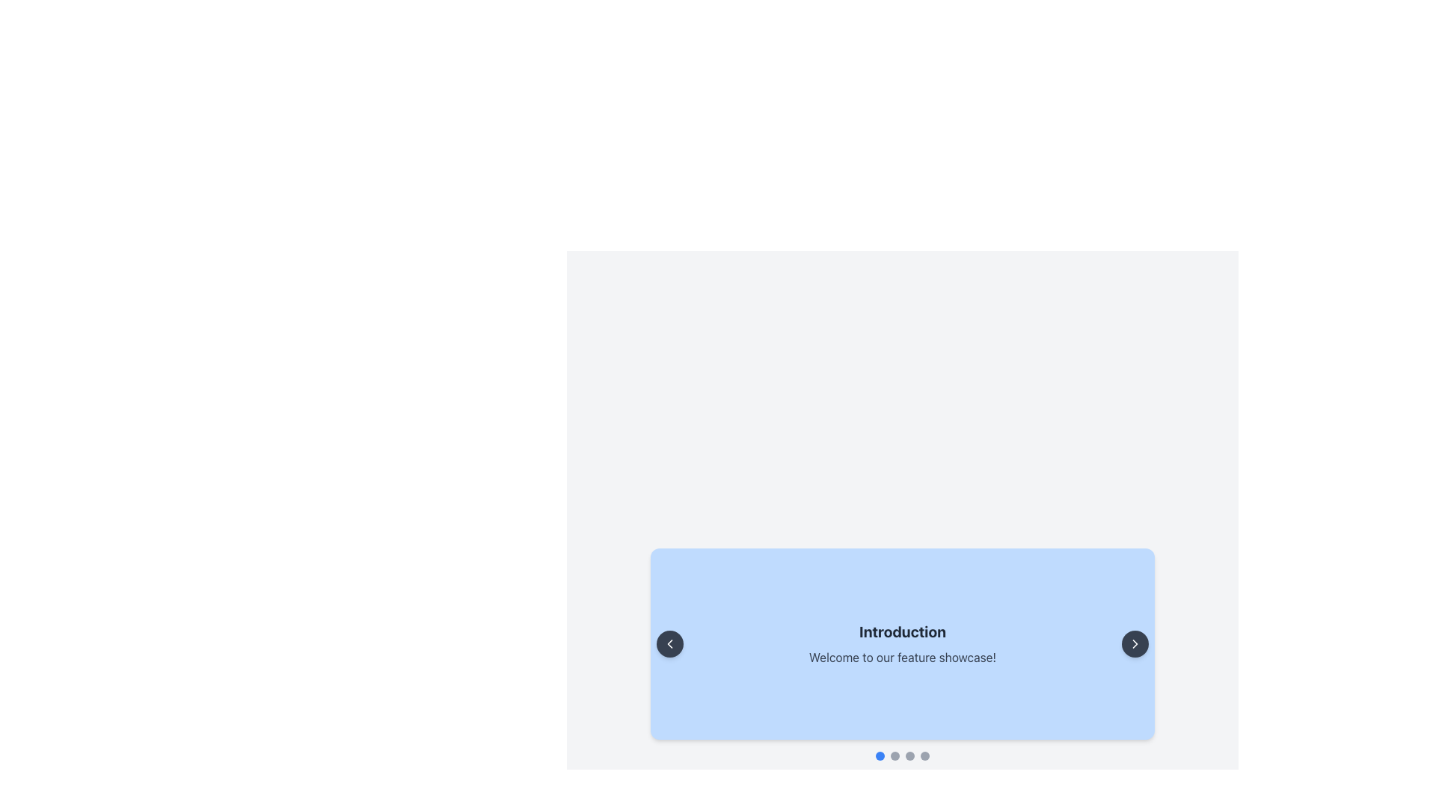 The width and height of the screenshot is (1436, 807). I want to click on the second circular navigation indicator, which is a gray dot among four horizontally aligned dots located beneath the main content area, so click(895, 755).